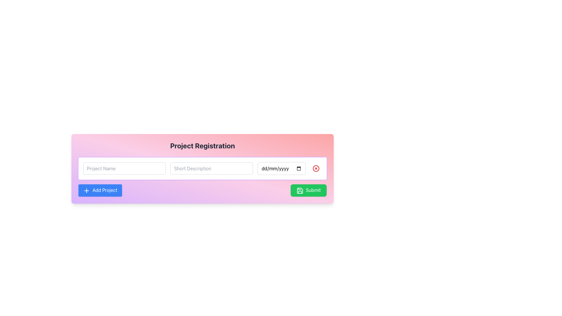 The width and height of the screenshot is (562, 316). What do you see at coordinates (281, 168) in the screenshot?
I see `a date from the date picker in the date input field which has a placeholder displaying 'dd/mm/yyyy', located to the right of the 'Project Name' and 'Short Description' text input fields` at bounding box center [281, 168].